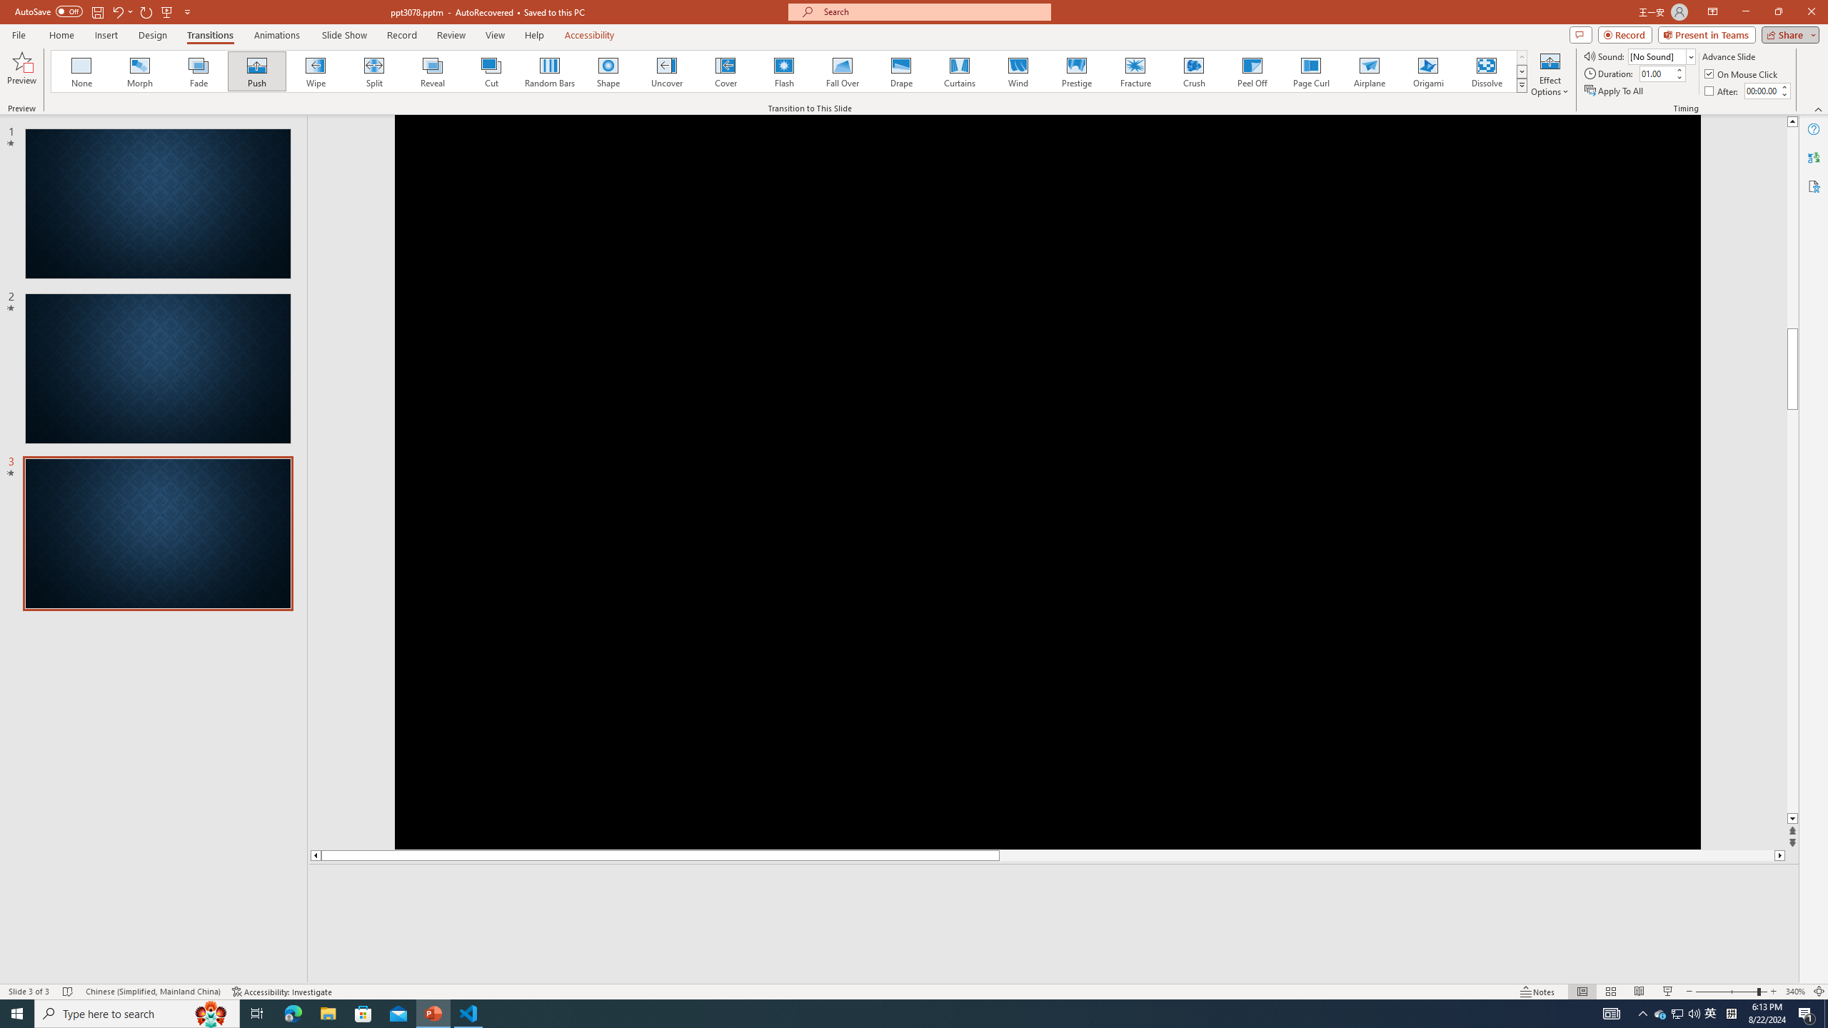  Describe the element at coordinates (1427, 71) in the screenshot. I see `'Origami'` at that location.